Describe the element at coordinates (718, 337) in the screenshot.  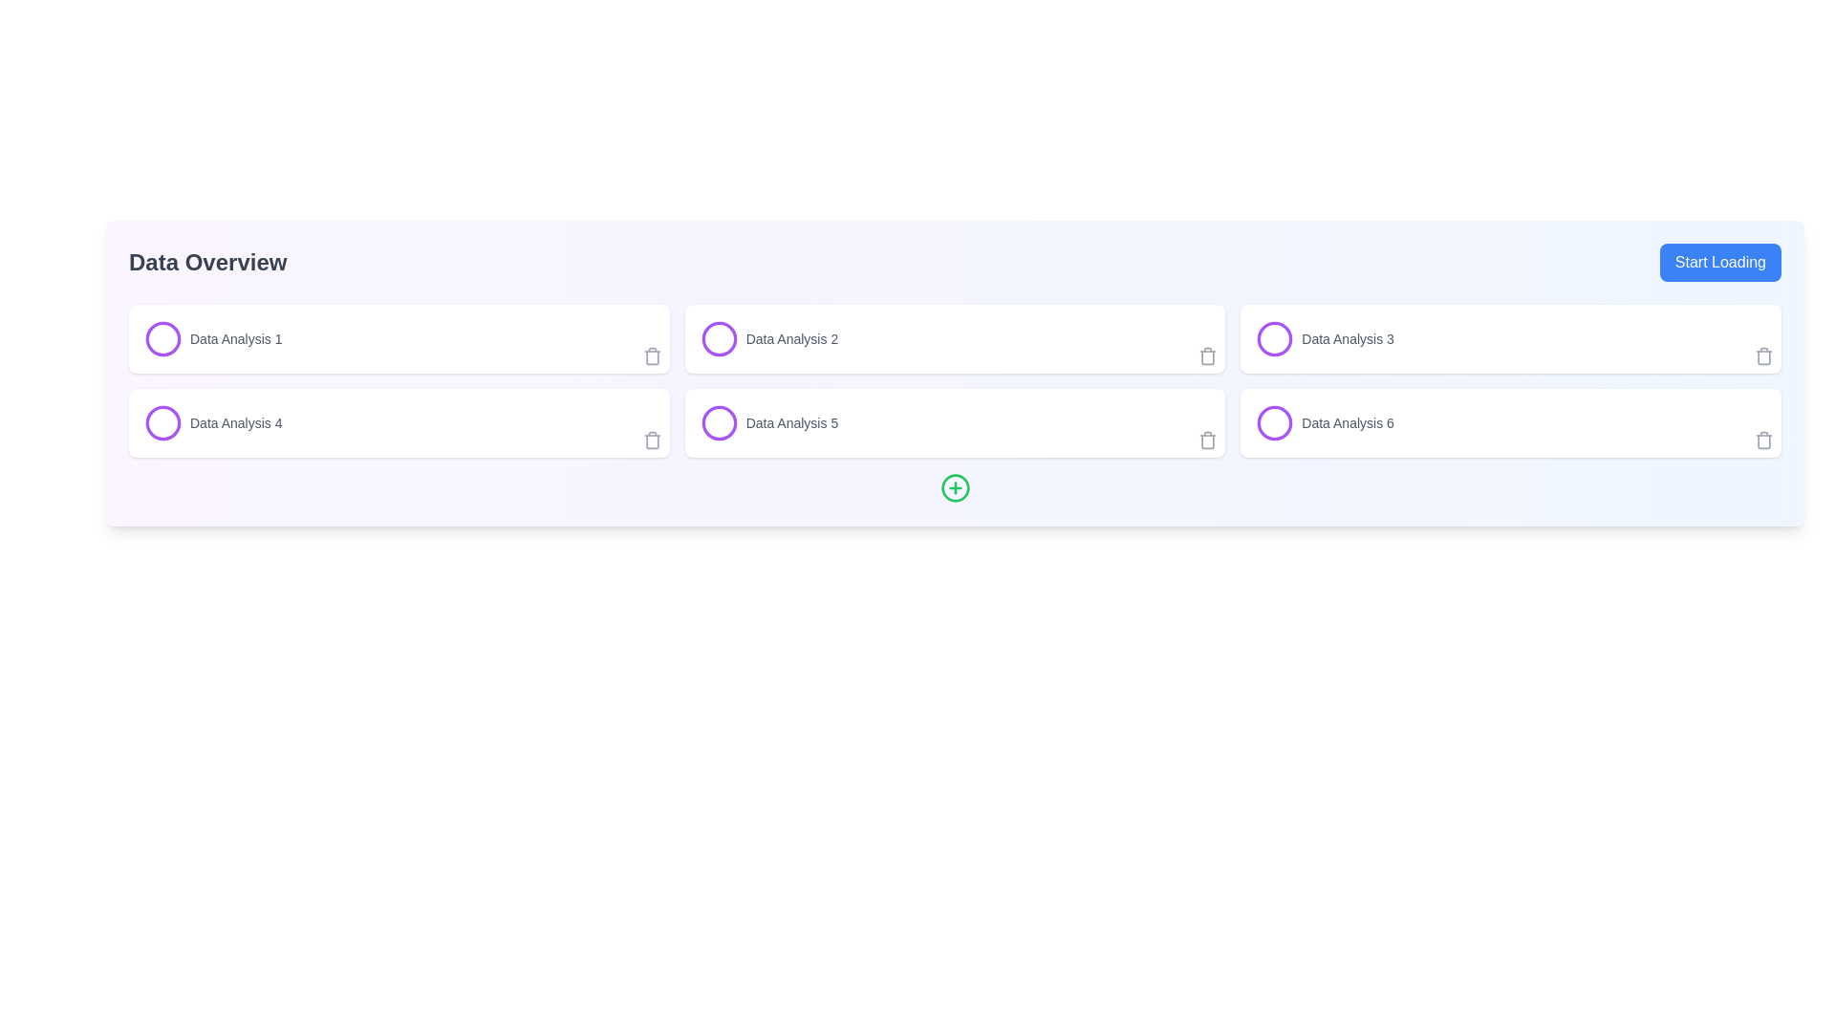
I see `the inner circle of the second selection option labeled 'Data Analysis 2', located in the top row's middle column of the grid layout` at that location.